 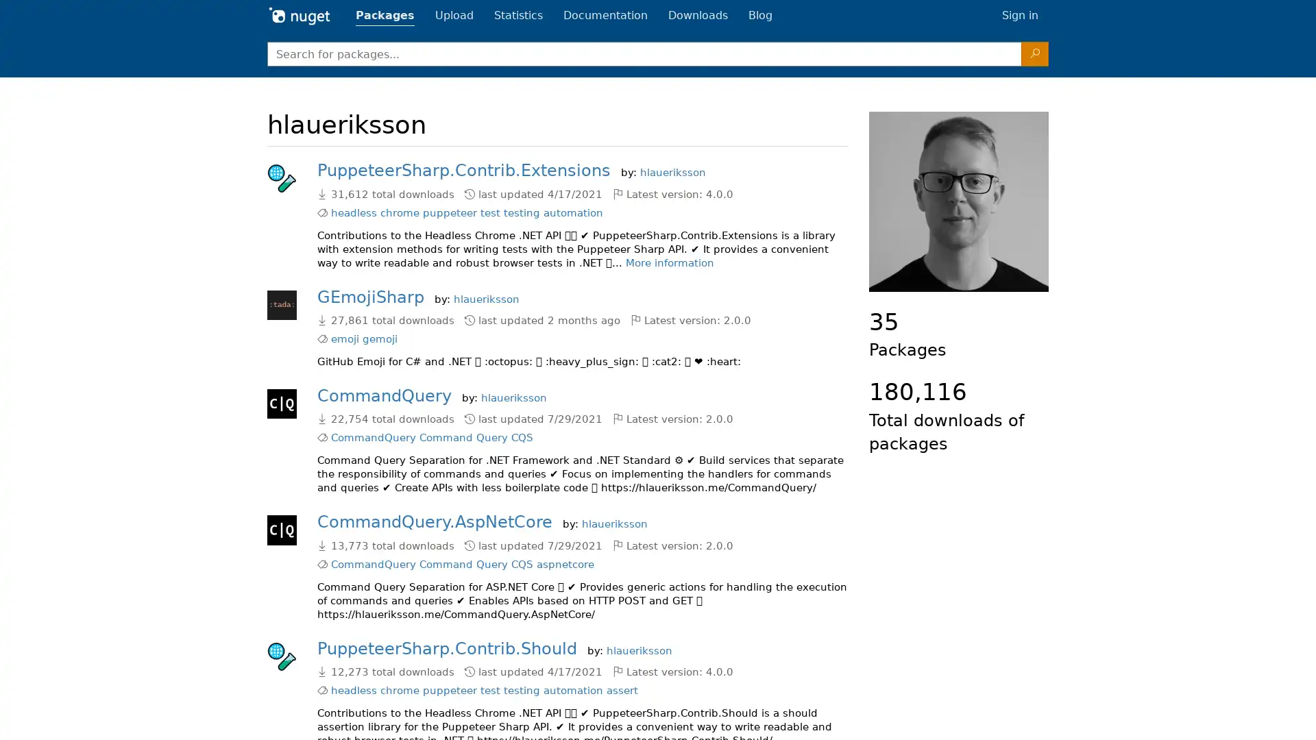 I want to click on Search, so click(x=1035, y=53).